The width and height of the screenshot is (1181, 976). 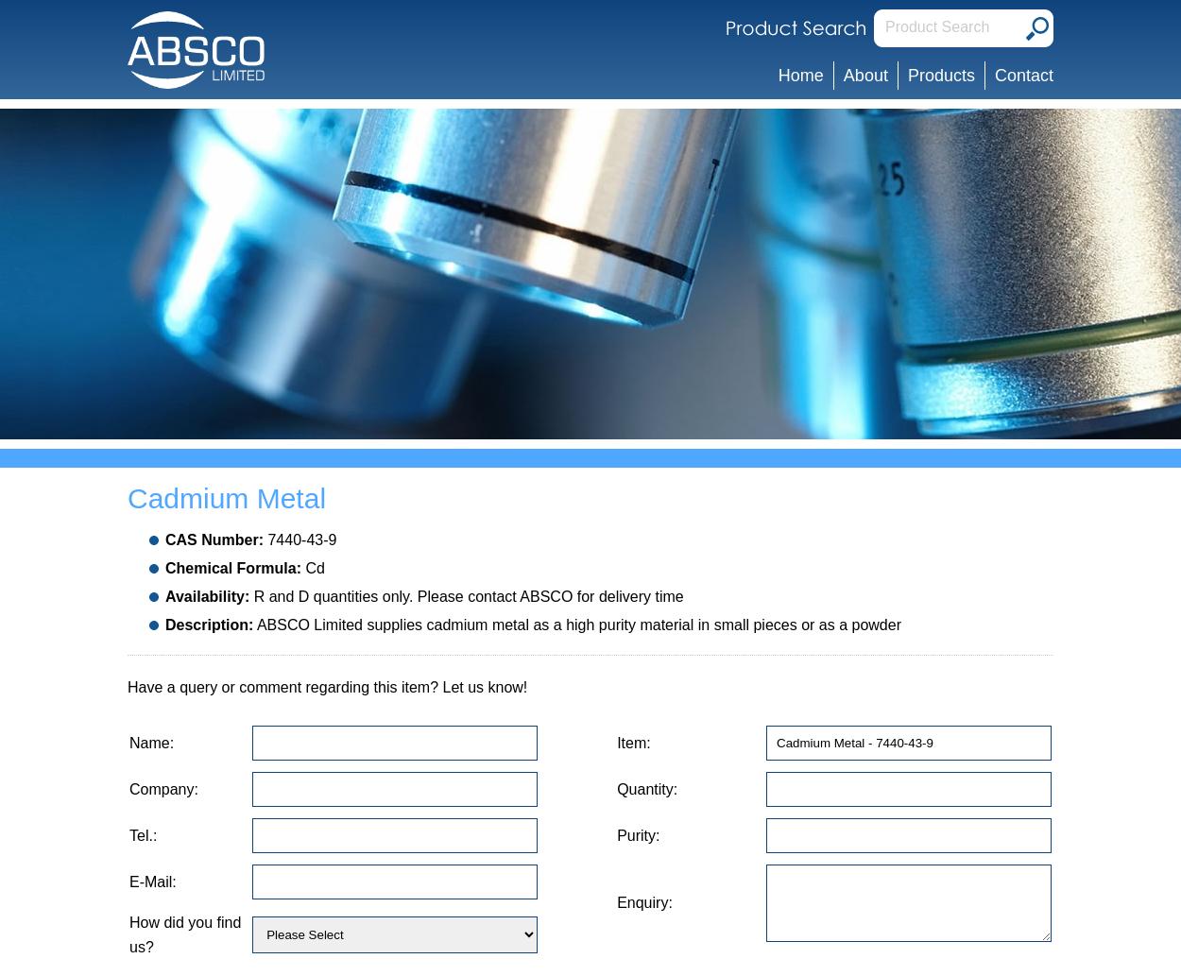 I want to click on 'Tel.:', so click(x=129, y=833).